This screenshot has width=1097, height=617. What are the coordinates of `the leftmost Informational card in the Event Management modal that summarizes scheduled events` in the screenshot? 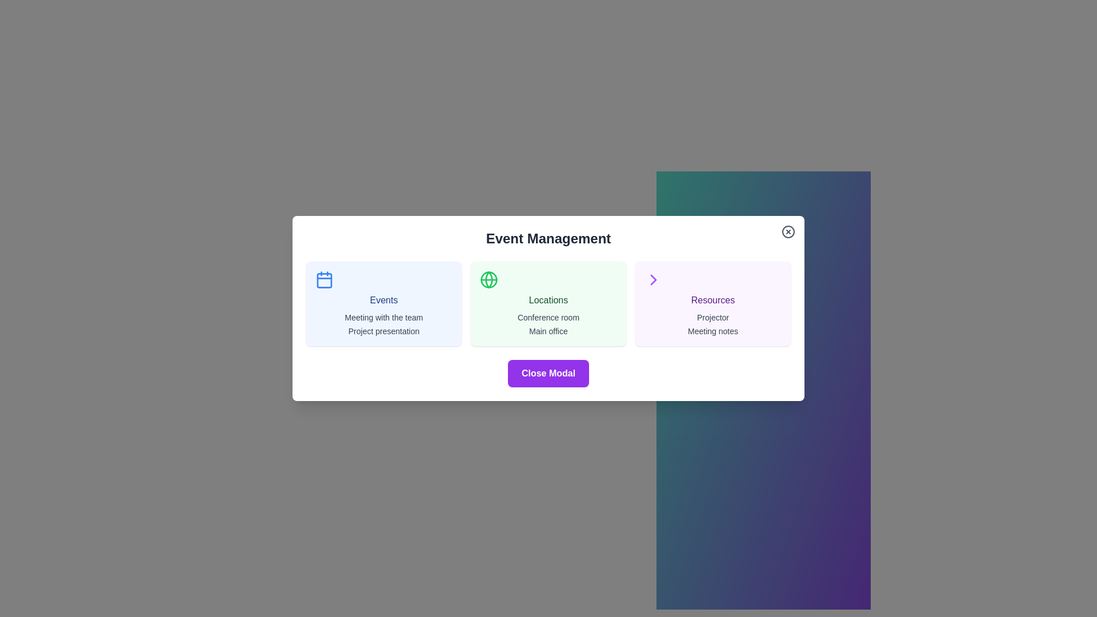 It's located at (384, 303).